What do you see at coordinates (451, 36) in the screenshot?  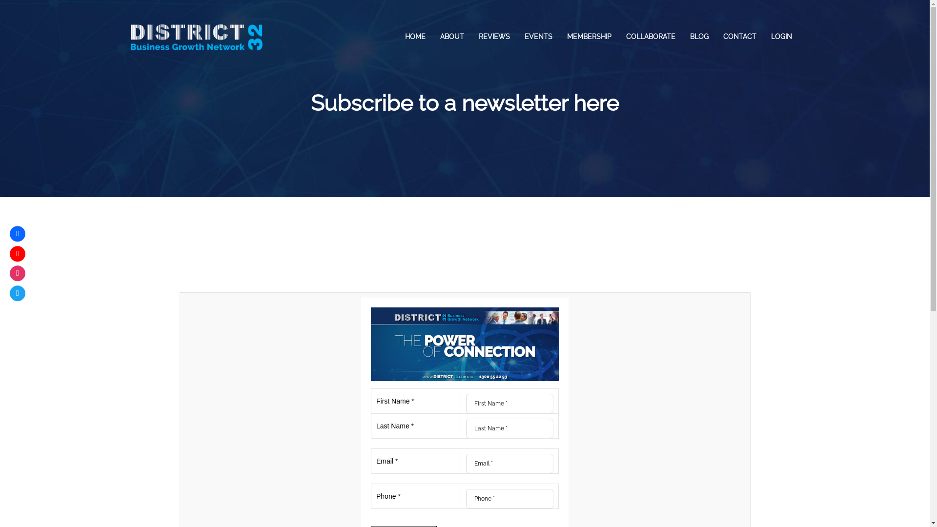 I see `'ABOUT'` at bounding box center [451, 36].